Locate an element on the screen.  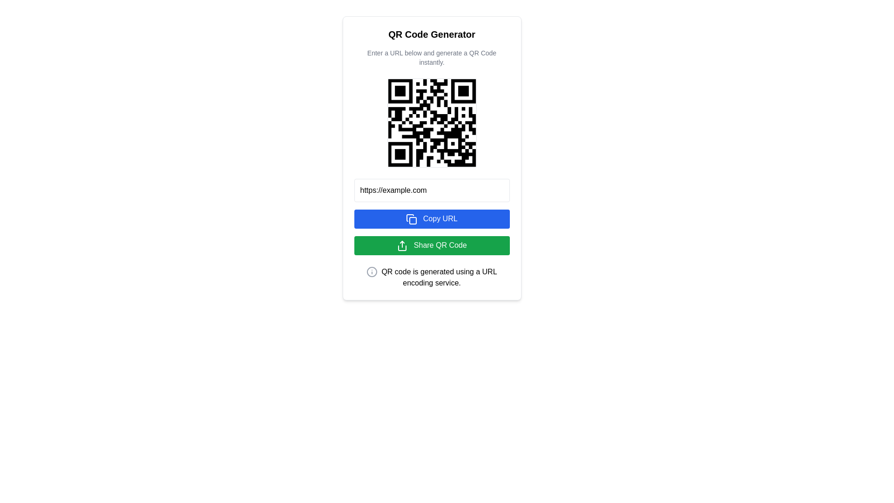
the header text that introduces the QR Code generator is located at coordinates (431, 34).